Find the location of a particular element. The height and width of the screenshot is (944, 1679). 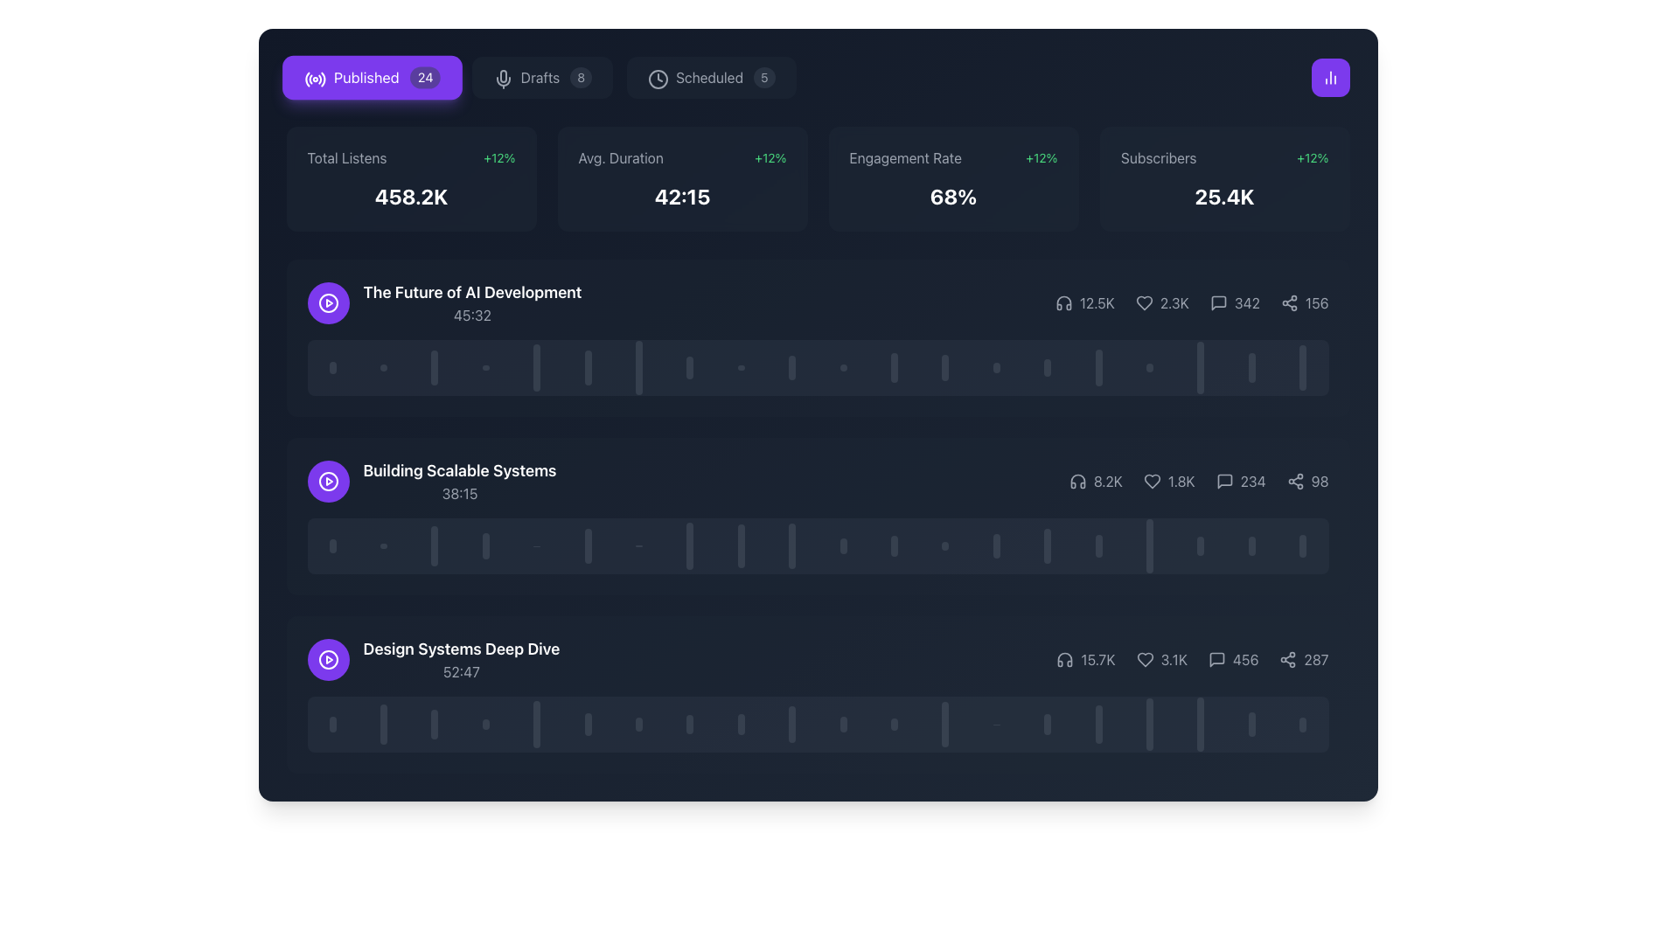

the icon representing the metric of the number of listeners, which is located to the left of a numerical figure in the lower mid-section of the interface, part of the second content row is located at coordinates (1076, 482).